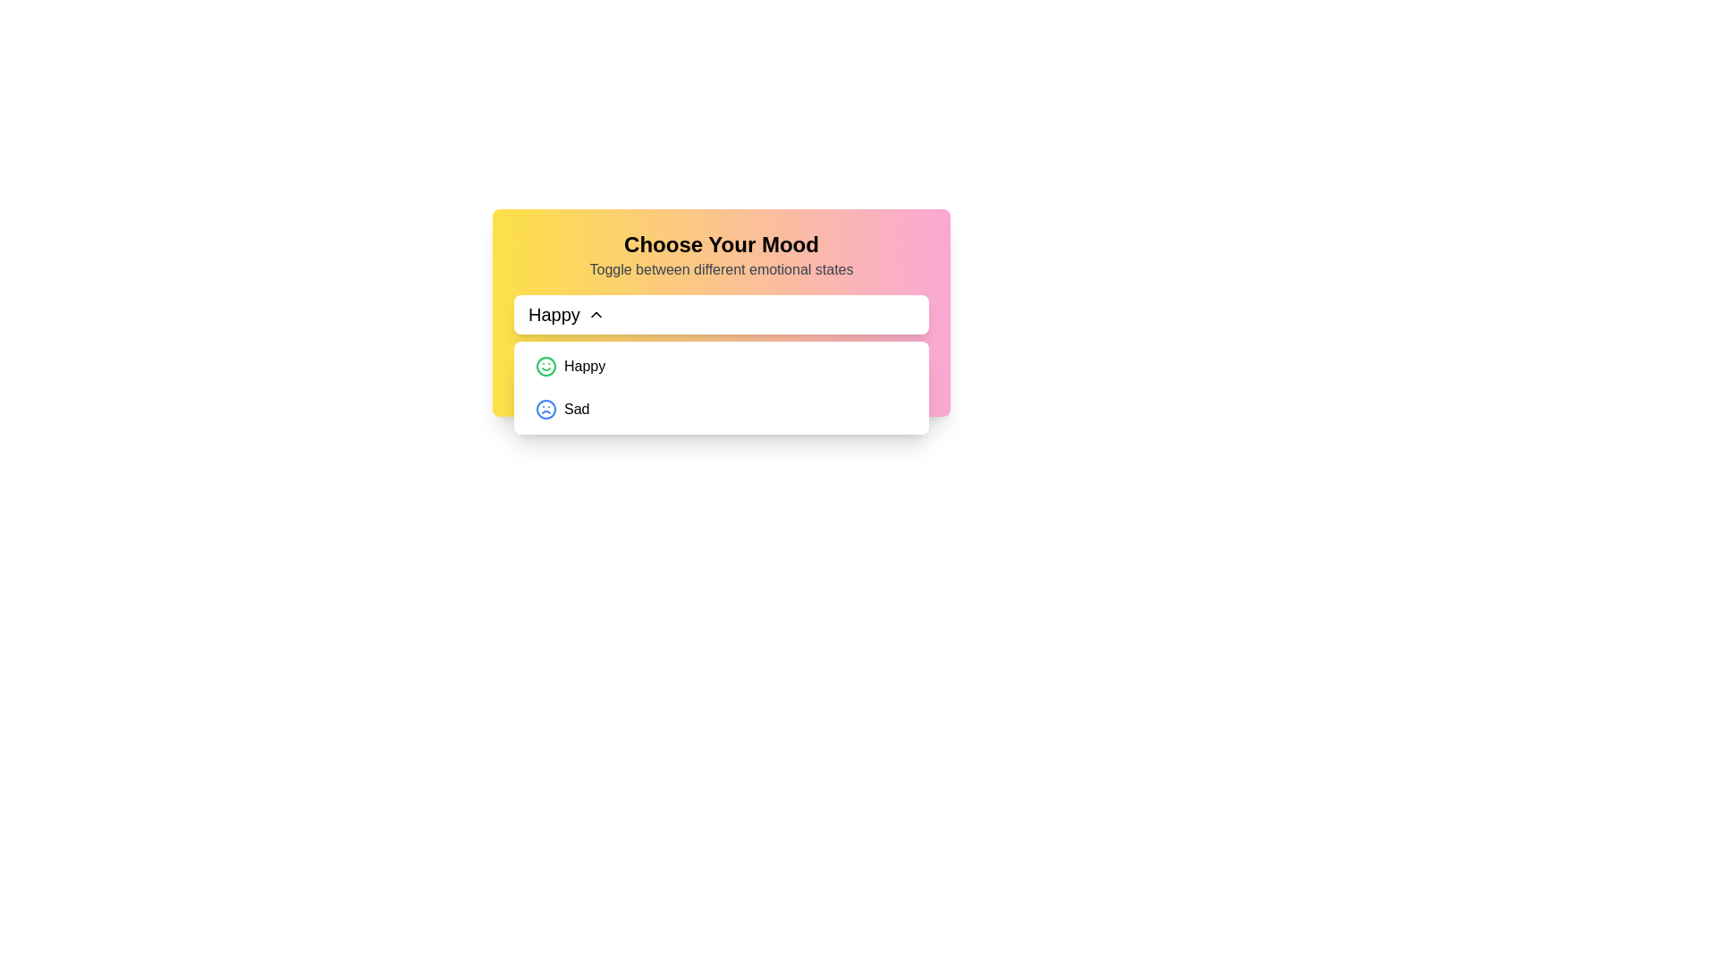 The width and height of the screenshot is (1717, 966). Describe the element at coordinates (523, 359) in the screenshot. I see `circular shape representing the smiley face icon located in the dropdown menu adjacent to the text label 'Happy'` at that location.